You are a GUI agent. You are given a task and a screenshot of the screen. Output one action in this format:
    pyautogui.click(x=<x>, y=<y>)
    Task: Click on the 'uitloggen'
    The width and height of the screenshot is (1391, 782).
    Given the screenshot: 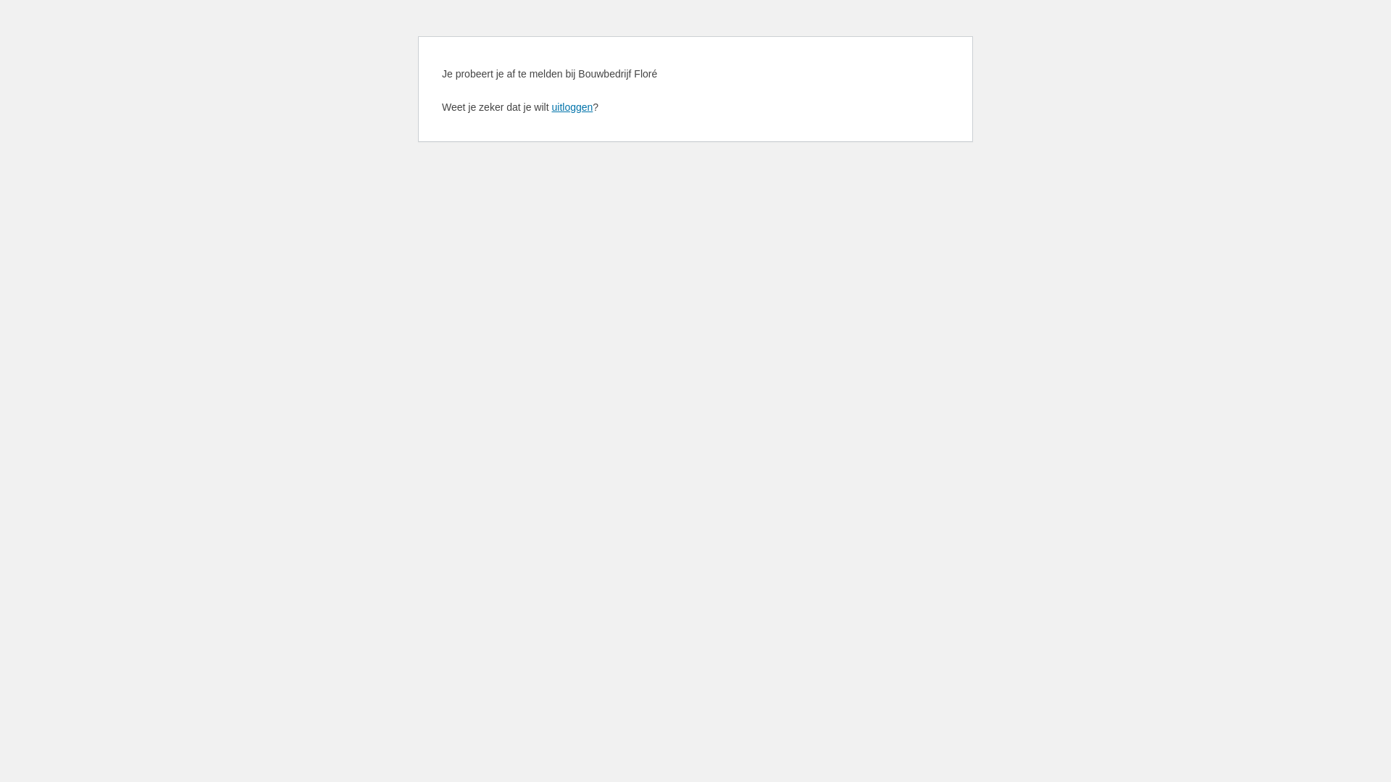 What is the action you would take?
    pyautogui.click(x=571, y=106)
    